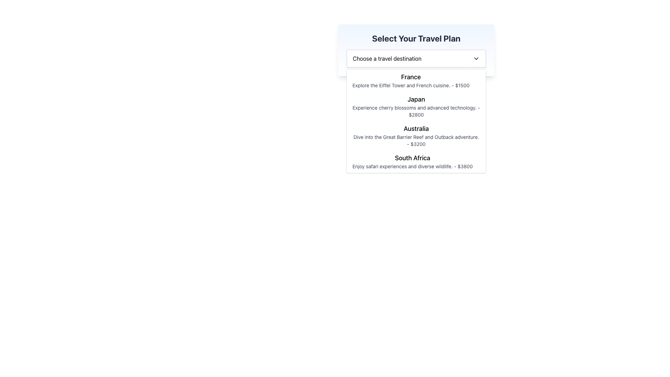 The image size is (670, 377). I want to click on the first option in the dropdown menu labeled 'Traveling to France', so click(411, 80).